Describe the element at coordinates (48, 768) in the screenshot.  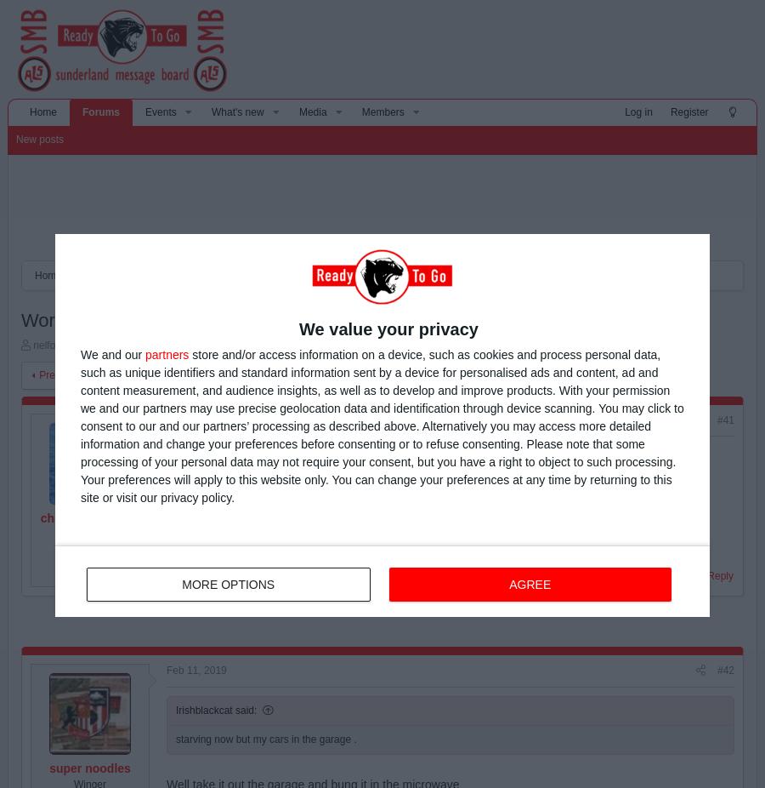
I see `'super noodles'` at that location.